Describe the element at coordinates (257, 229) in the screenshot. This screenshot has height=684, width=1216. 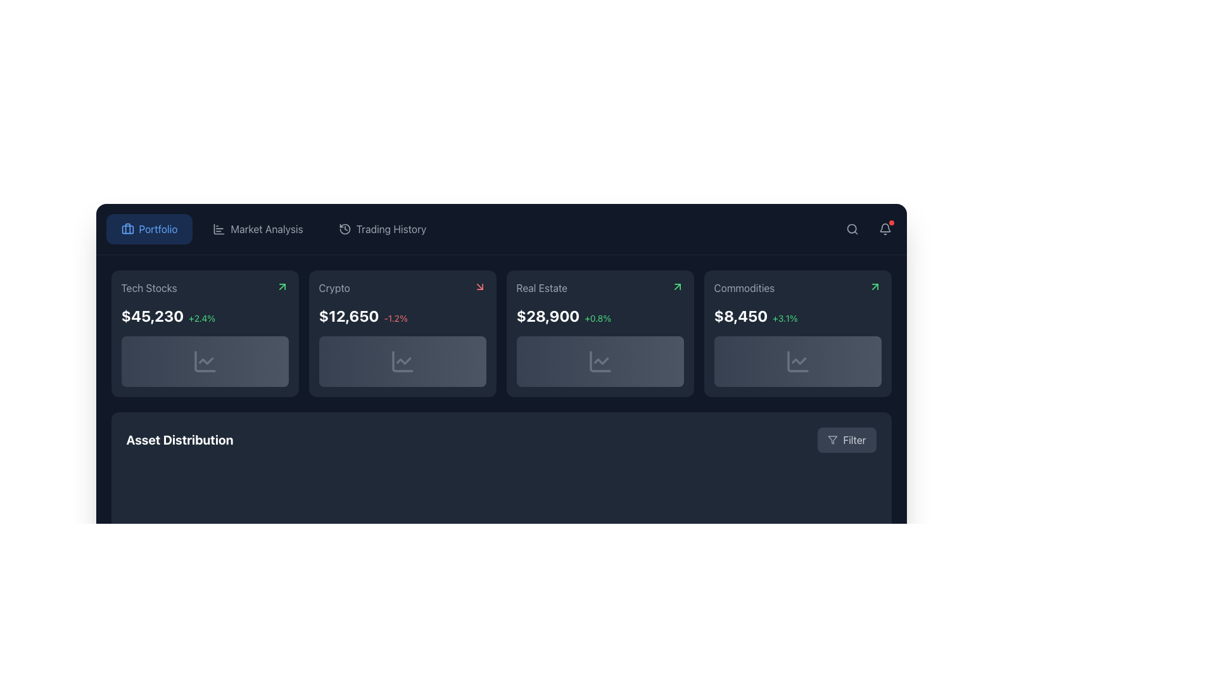
I see `the 'Market Analysis' button located` at that location.